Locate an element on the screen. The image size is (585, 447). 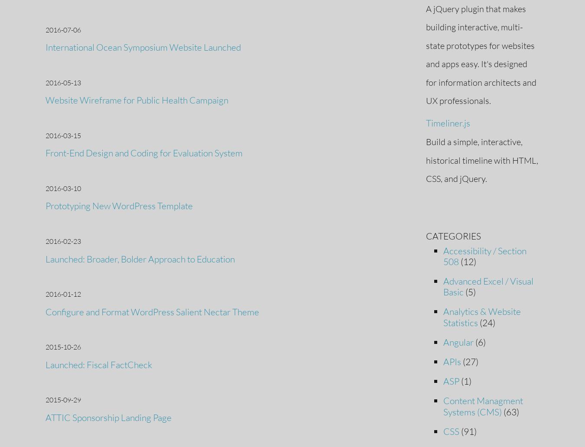
'(1)' is located at coordinates (465, 381).